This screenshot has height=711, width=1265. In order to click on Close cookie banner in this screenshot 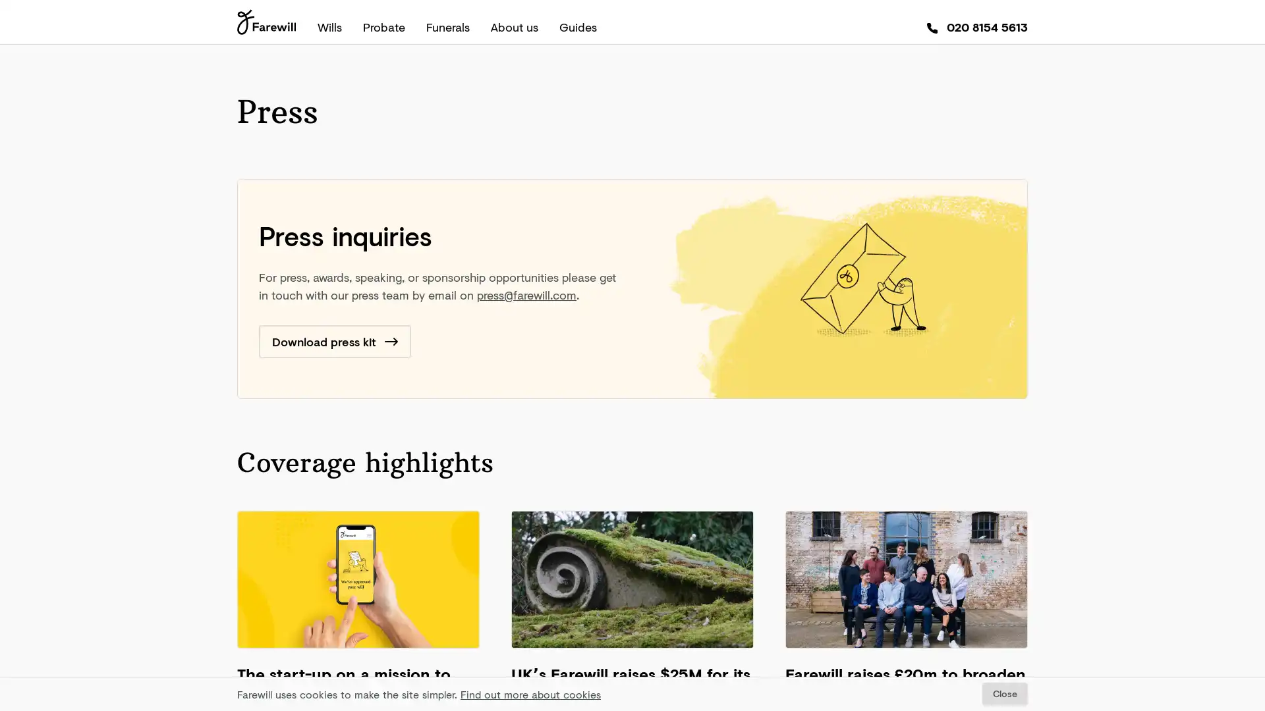, I will do `click(1004, 693)`.